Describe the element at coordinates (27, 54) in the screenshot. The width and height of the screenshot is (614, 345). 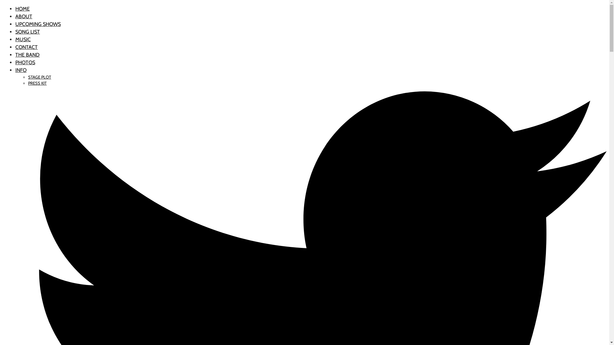
I see `'THE BAND'` at that location.